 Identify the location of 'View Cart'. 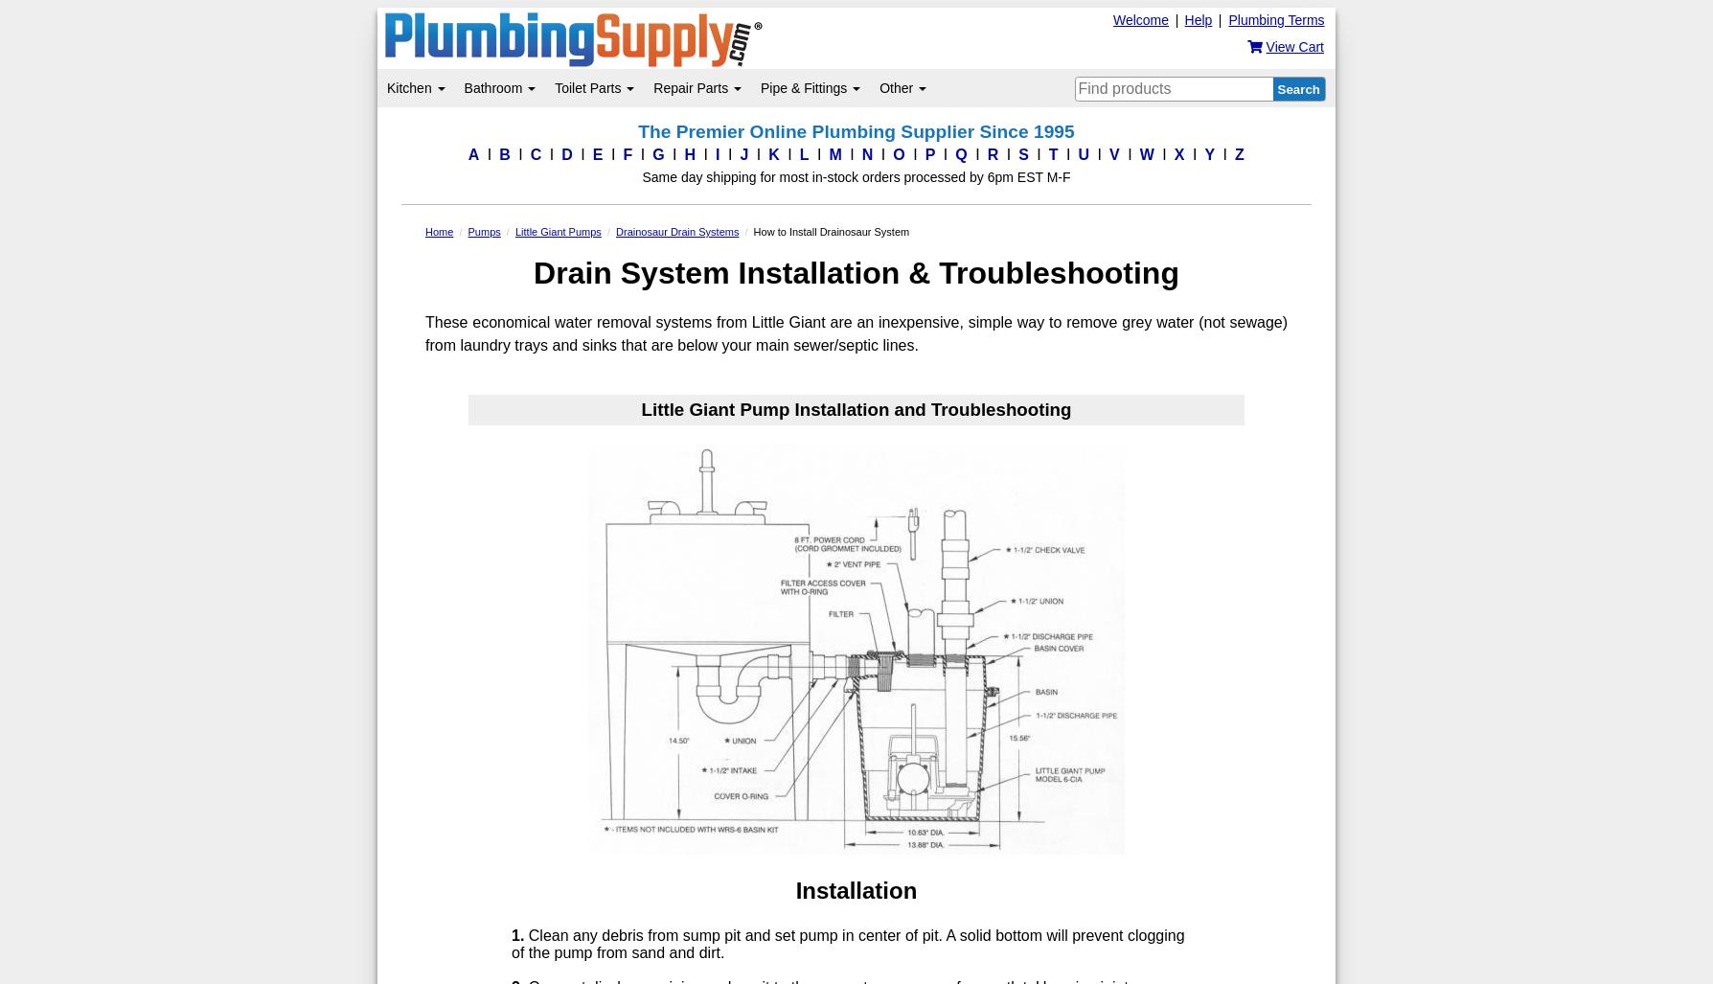
(1294, 46).